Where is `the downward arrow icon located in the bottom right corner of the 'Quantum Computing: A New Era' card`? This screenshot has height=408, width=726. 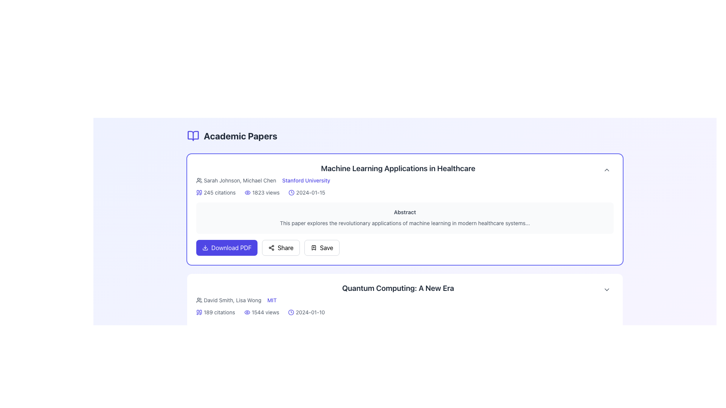
the downward arrow icon located in the bottom right corner of the 'Quantum Computing: A New Era' card is located at coordinates (607, 289).